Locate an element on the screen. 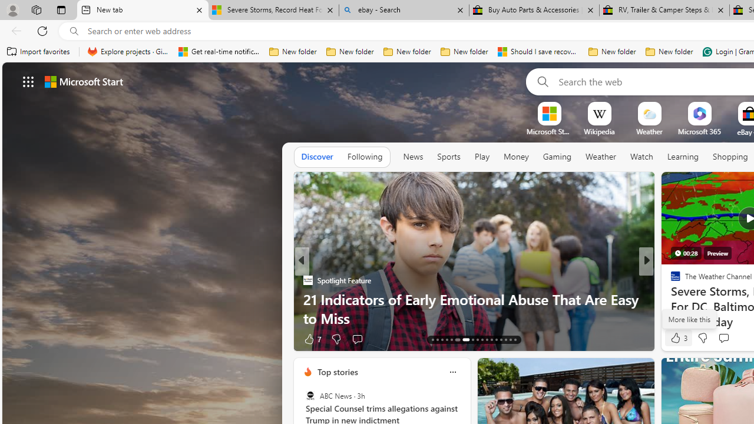  'Microsoft start' is located at coordinates (83, 81).